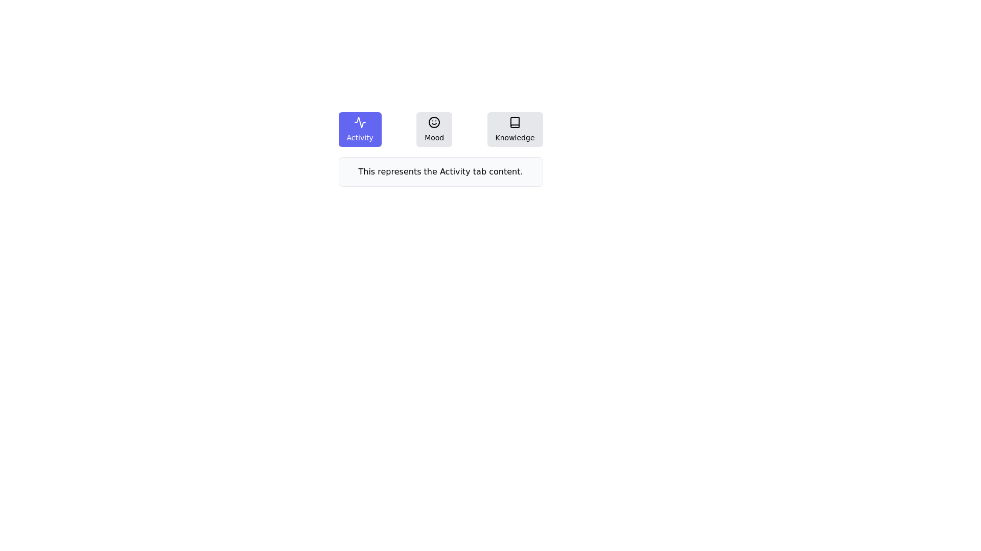  I want to click on text of the 'Activity' navigation tab label, which is the first element in a tab-like navigation component located in the header row, so click(360, 138).